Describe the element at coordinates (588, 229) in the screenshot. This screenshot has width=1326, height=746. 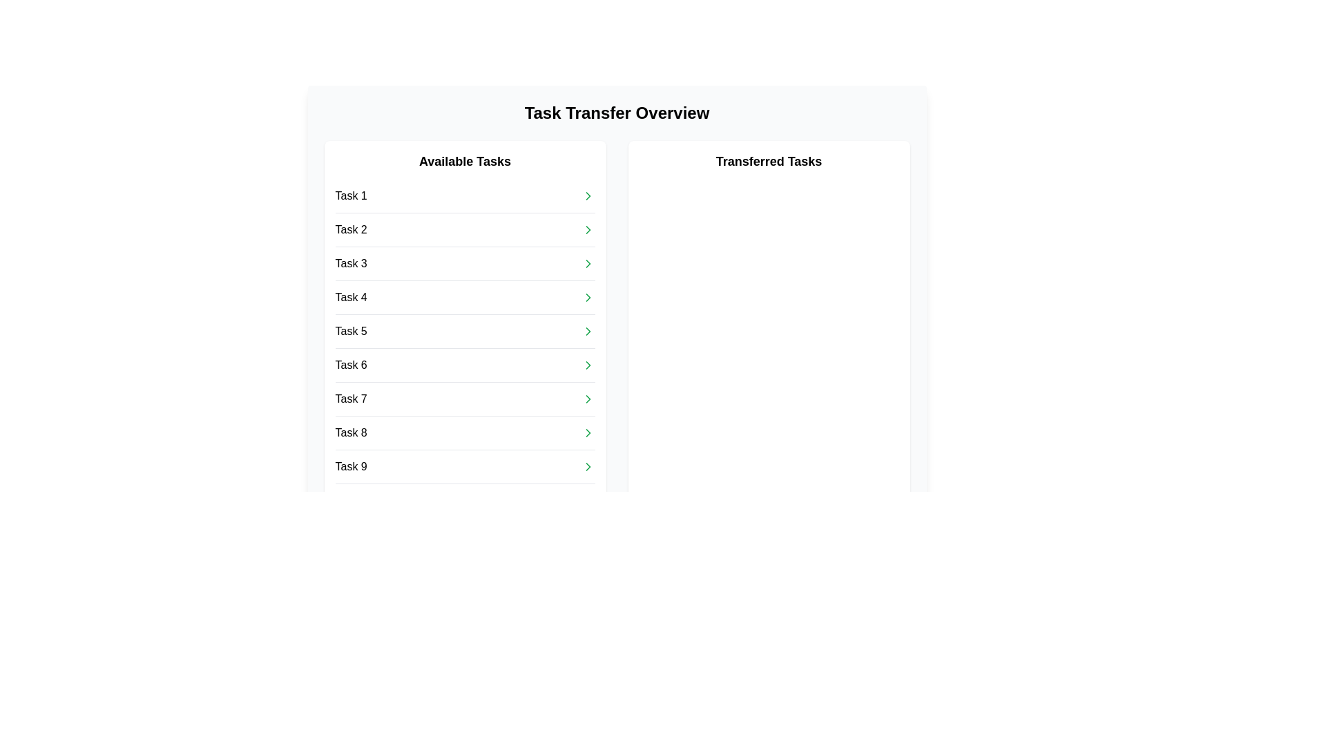
I see `the transfer icon located in the second row of the 'Available Tasks' section, to the right of 'Task 2', to transfer the task` at that location.